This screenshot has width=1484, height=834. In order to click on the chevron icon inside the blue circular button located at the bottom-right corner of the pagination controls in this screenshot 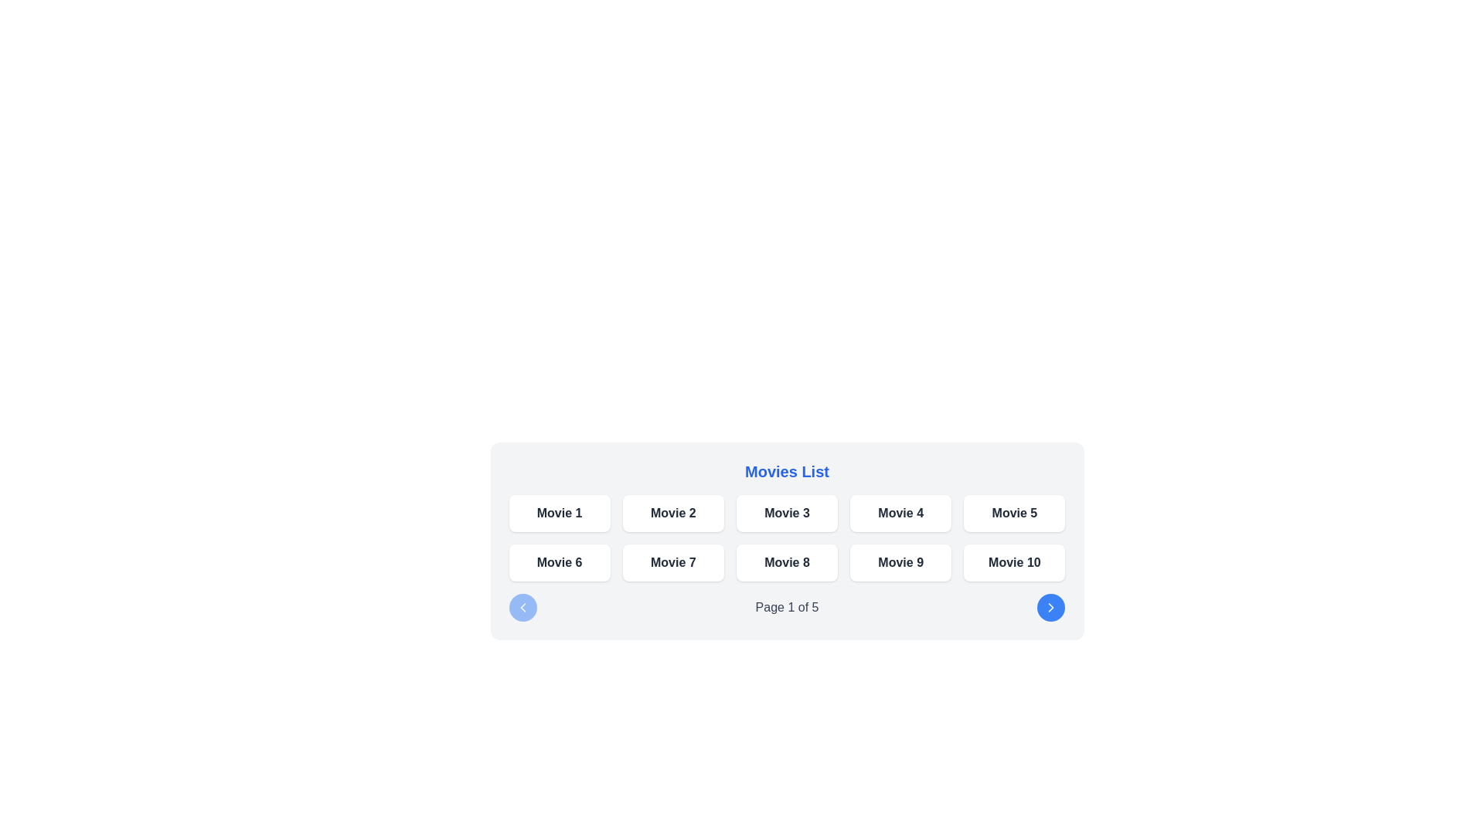, I will do `click(1051, 606)`.